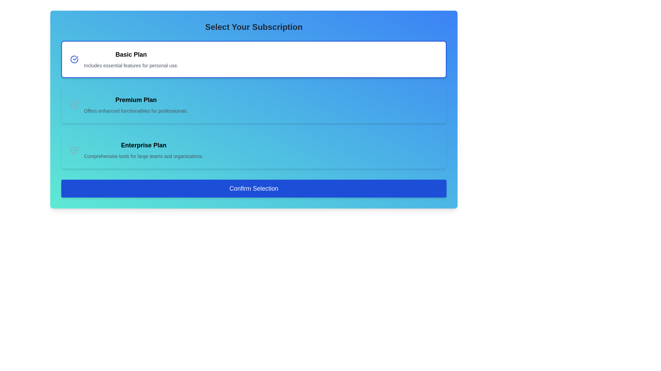  I want to click on the centered title text labeled 'Select Your Subscription', which is styled in a large, bold, dark grey font, positioned at the top-center of the subscription selection panel, so click(253, 26).